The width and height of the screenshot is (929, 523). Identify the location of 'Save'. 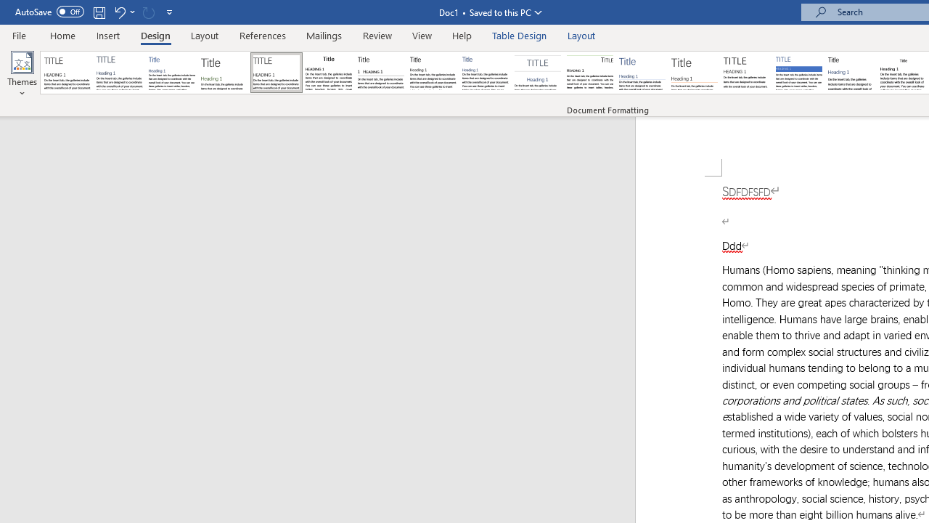
(98, 12).